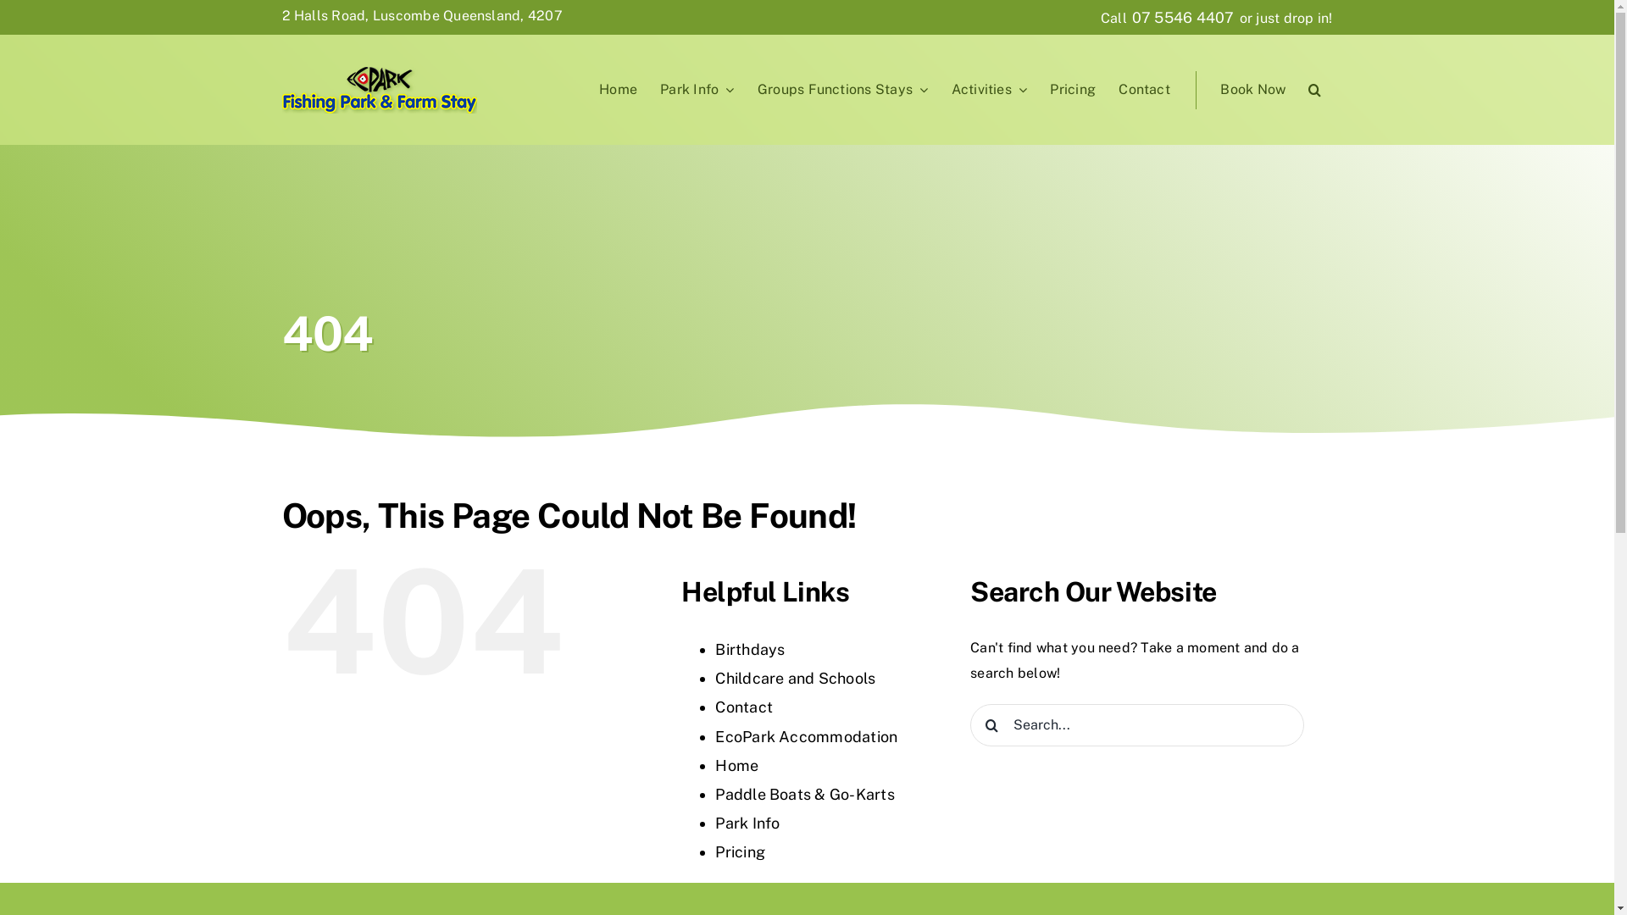 This screenshot has width=1627, height=915. Describe the element at coordinates (748, 648) in the screenshot. I see `'Birthdays'` at that location.